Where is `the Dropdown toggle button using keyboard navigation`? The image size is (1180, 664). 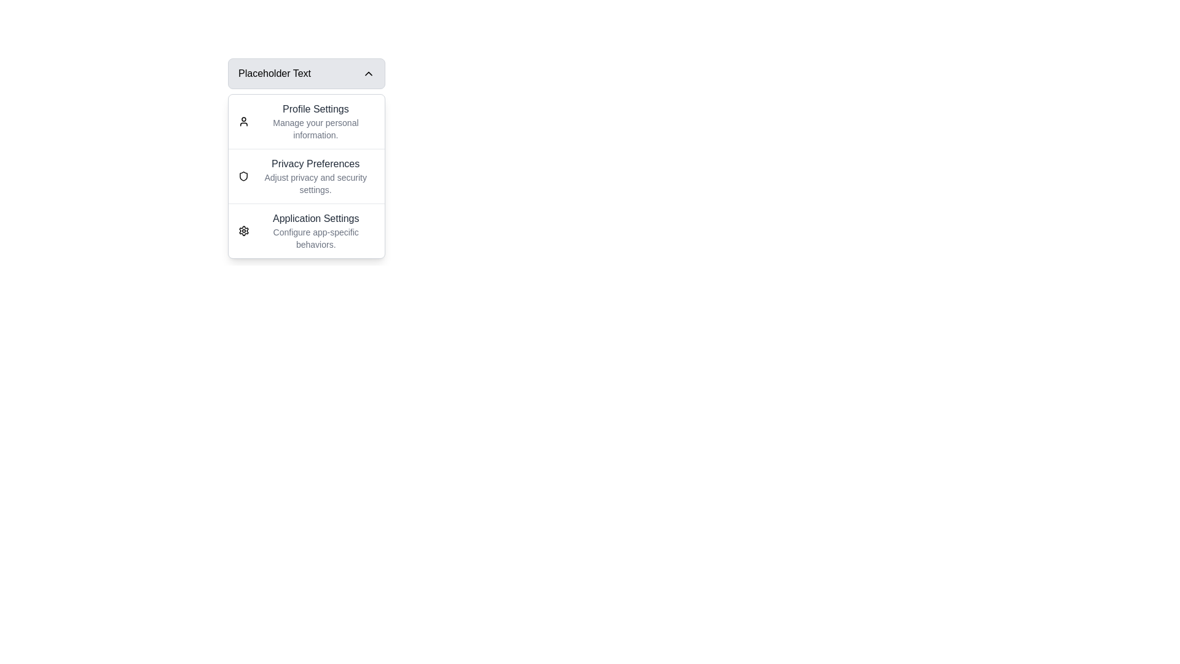
the Dropdown toggle button using keyboard navigation is located at coordinates (307, 91).